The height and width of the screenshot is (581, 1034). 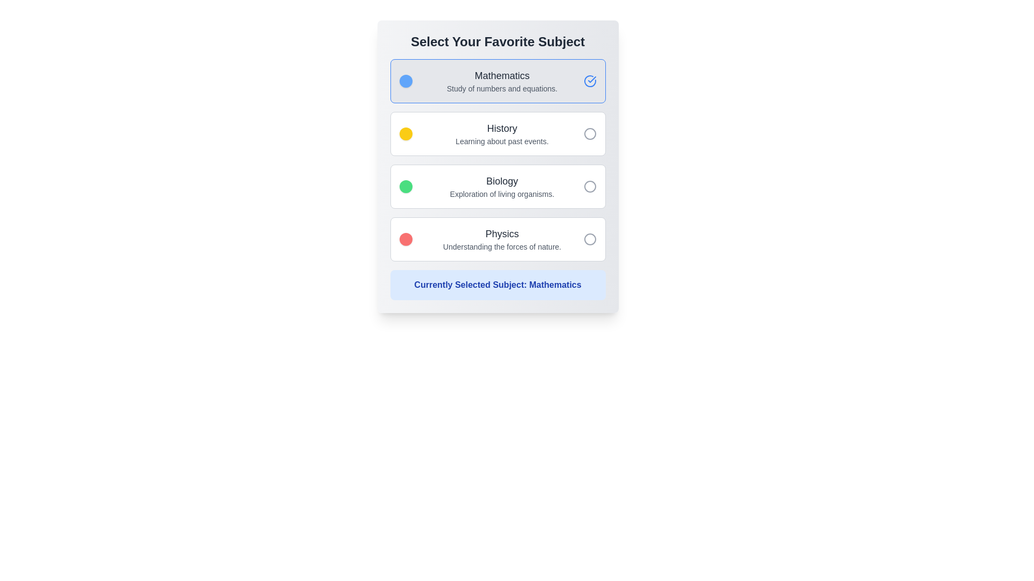 I want to click on the text label that reads 'Study of numbers and equations' which is styled in a gray font, located under the title 'Mathematics', so click(x=501, y=88).